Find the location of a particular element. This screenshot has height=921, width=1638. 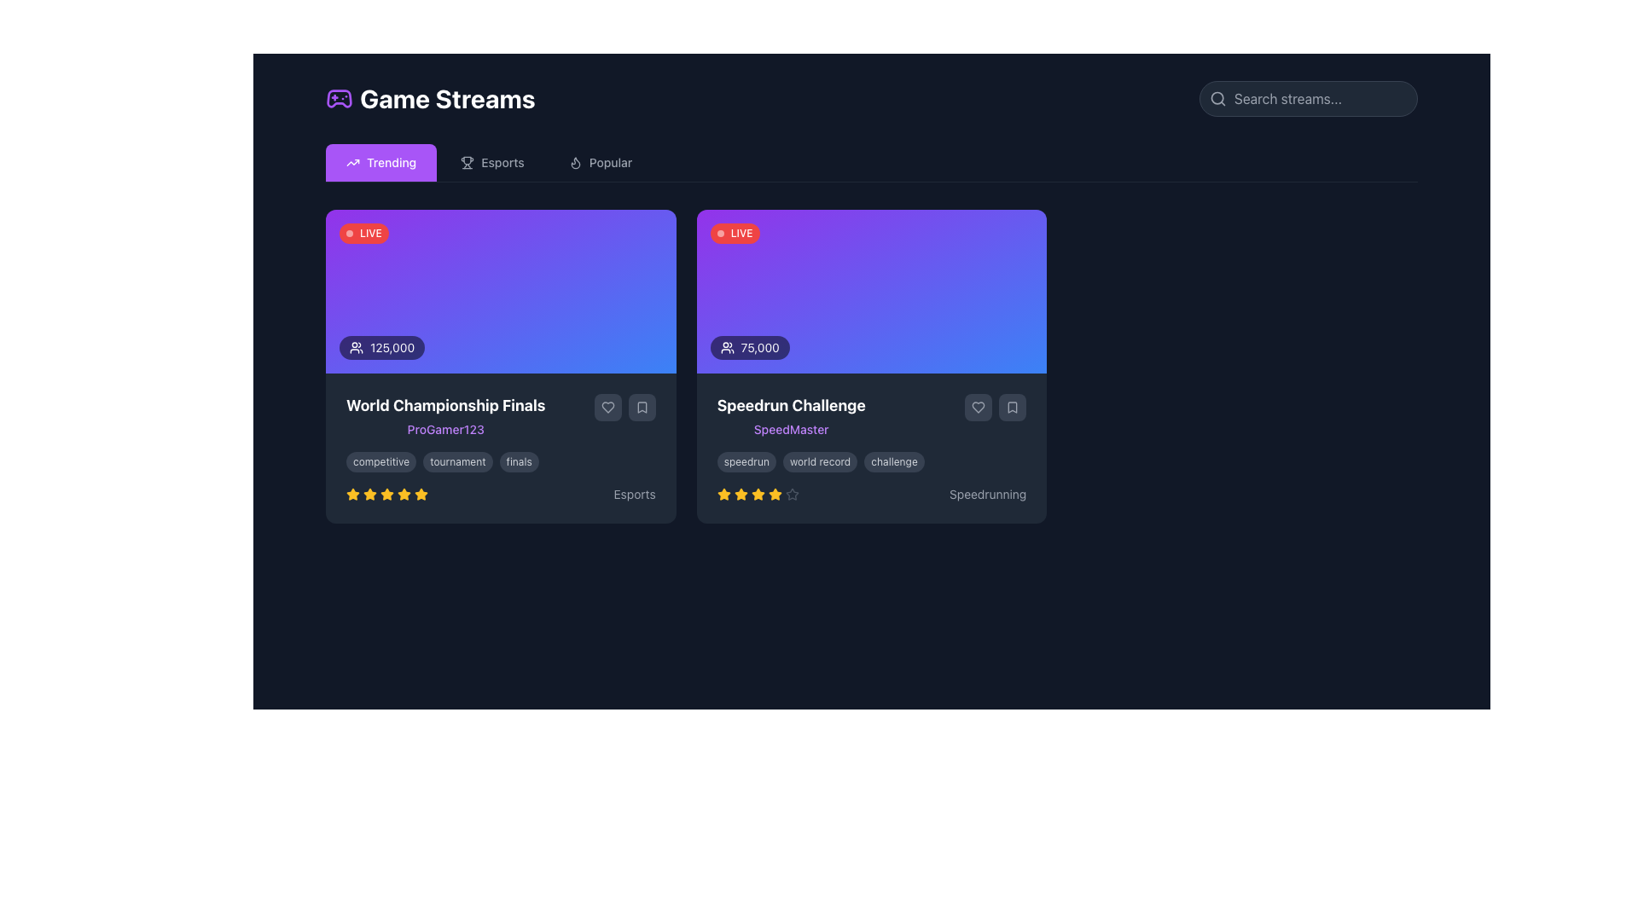

the second label displaying 'world record' in lowercase, which has a dark gray background and is located below the 'Speedrun Challenge' card is located at coordinates (820, 462).